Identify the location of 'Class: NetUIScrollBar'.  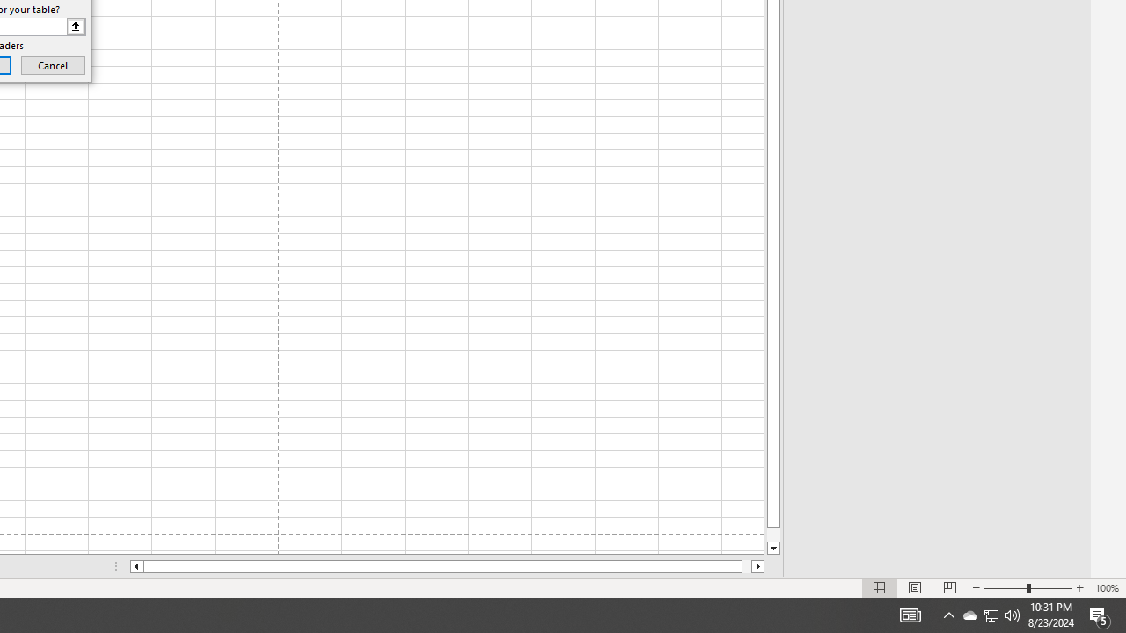
(447, 566).